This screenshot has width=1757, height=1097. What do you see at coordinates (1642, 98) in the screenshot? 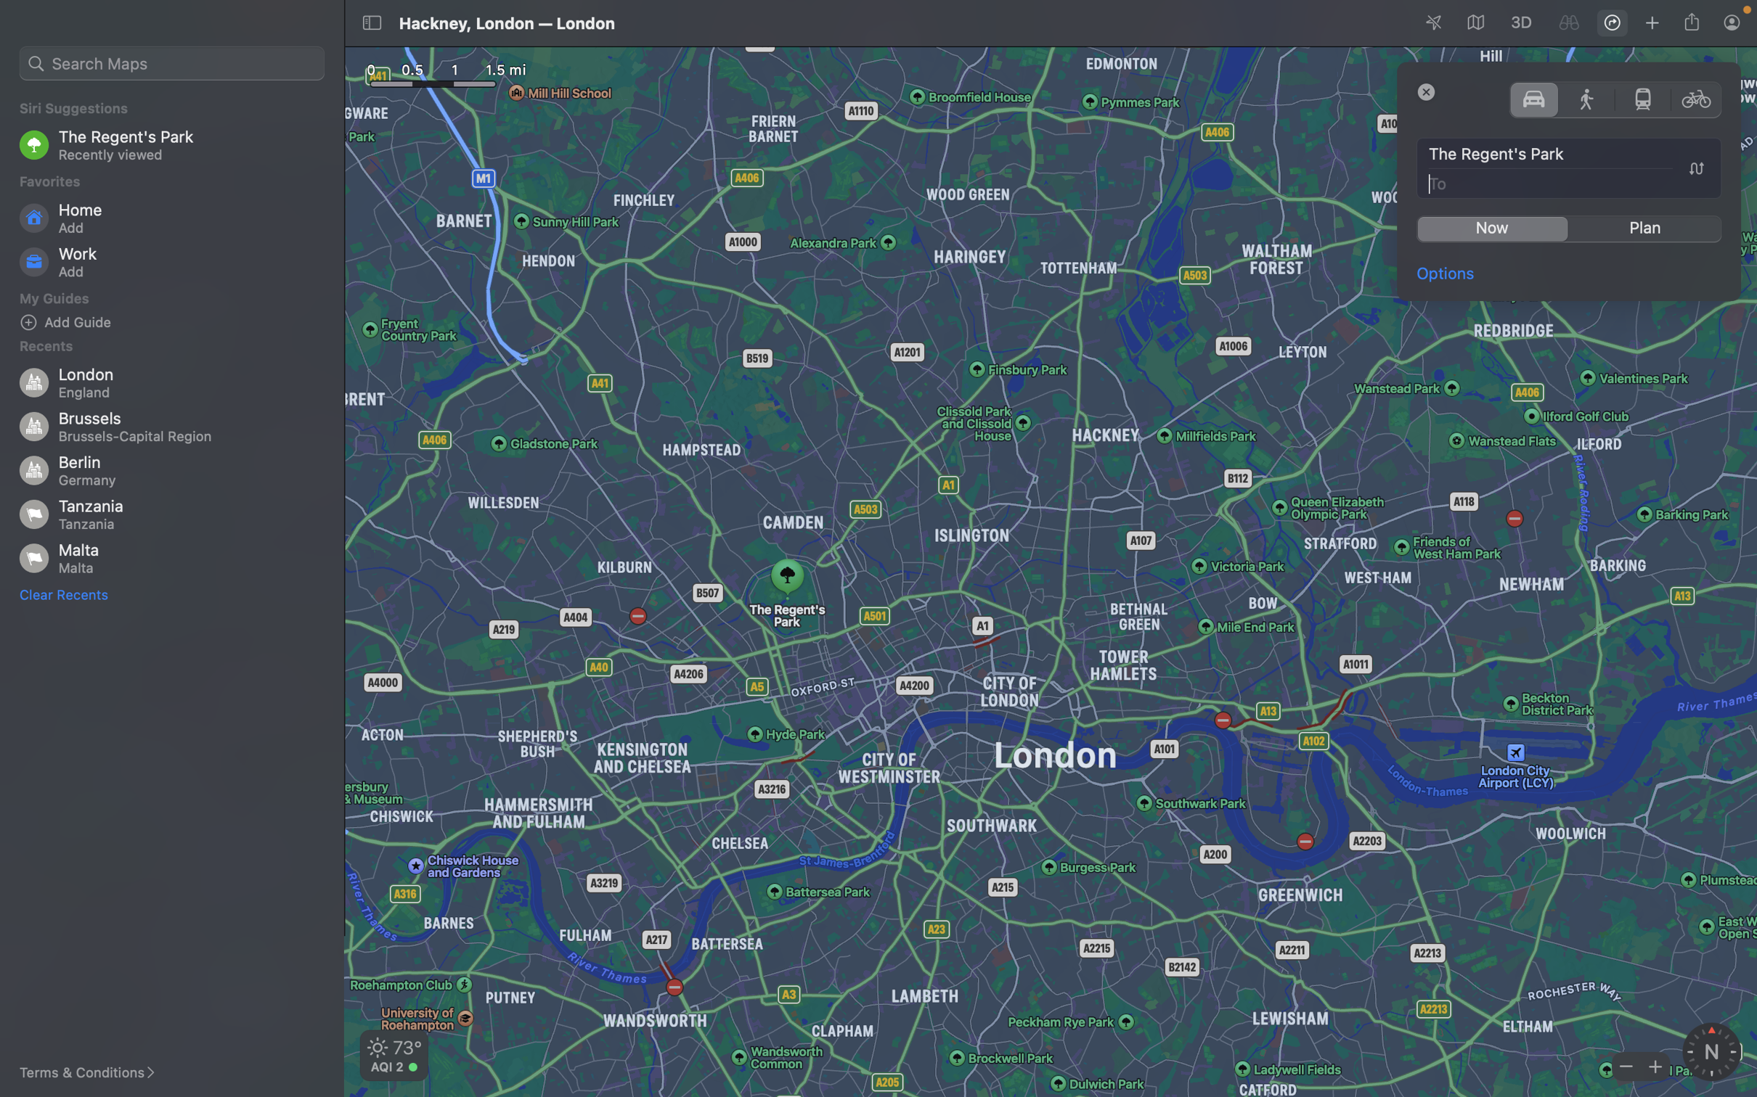
I see `public transit as the means of transport` at bounding box center [1642, 98].